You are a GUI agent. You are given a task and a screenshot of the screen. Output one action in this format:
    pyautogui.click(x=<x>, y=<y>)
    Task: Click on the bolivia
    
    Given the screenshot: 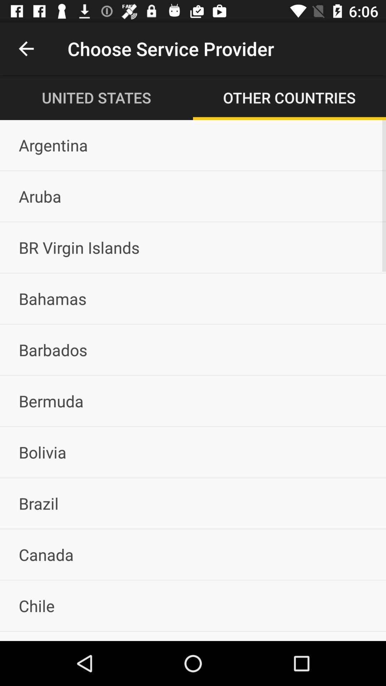 What is the action you would take?
    pyautogui.click(x=193, y=452)
    